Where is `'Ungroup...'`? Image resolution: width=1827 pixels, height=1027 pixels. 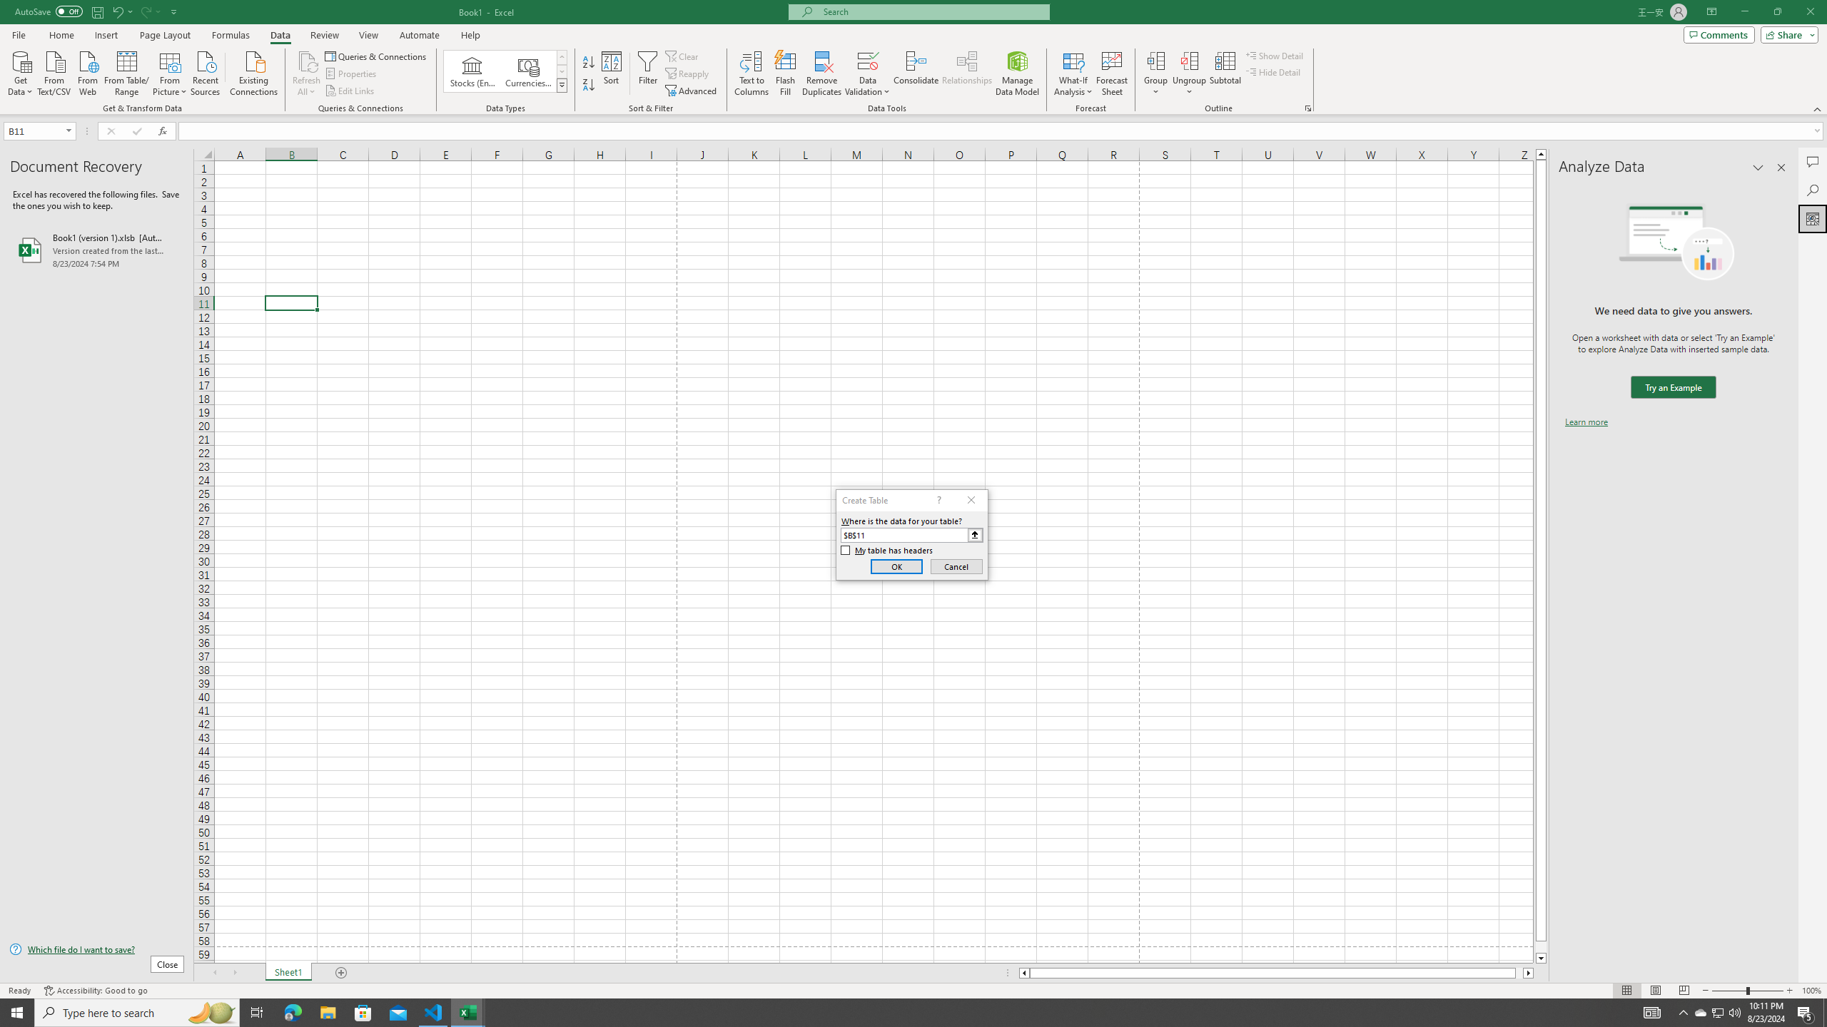
'Ungroup...' is located at coordinates (1189, 73).